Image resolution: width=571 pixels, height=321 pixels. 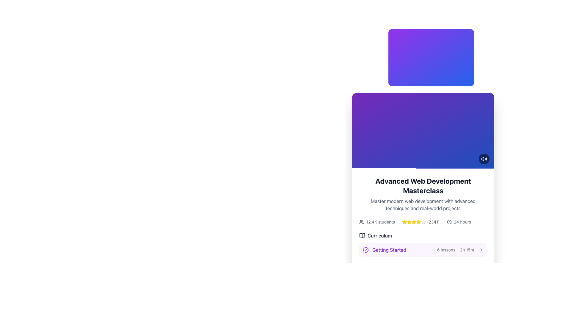 I want to click on the non-interactive text label that displays the number of students associated with the course, located in the middle section of a content card, next to a user icon, so click(x=381, y=222).